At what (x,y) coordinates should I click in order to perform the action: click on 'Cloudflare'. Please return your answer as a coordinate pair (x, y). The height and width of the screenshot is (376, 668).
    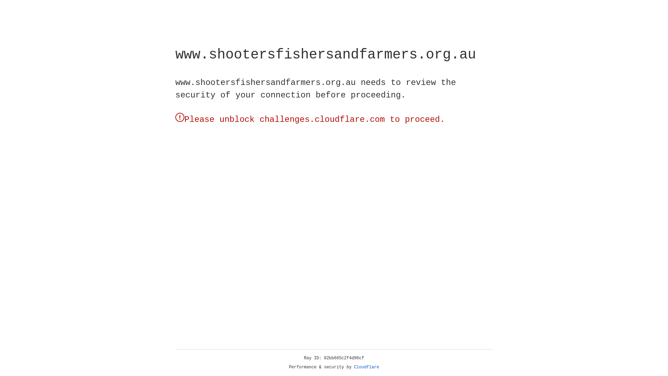
    Looking at the image, I should click on (366, 367).